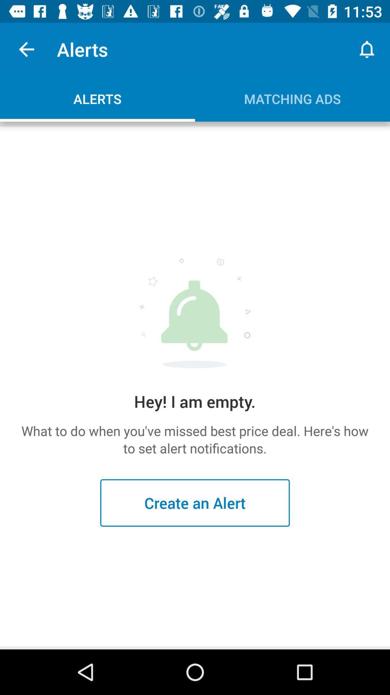  I want to click on the icon next to the alerts item, so click(26, 49).